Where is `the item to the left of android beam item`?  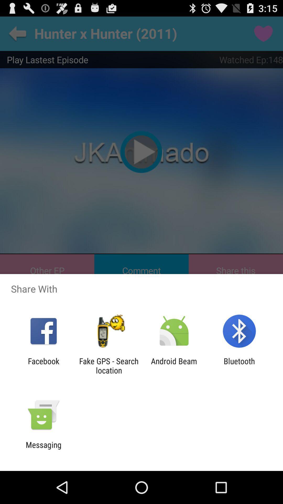 the item to the left of android beam item is located at coordinates (108, 365).